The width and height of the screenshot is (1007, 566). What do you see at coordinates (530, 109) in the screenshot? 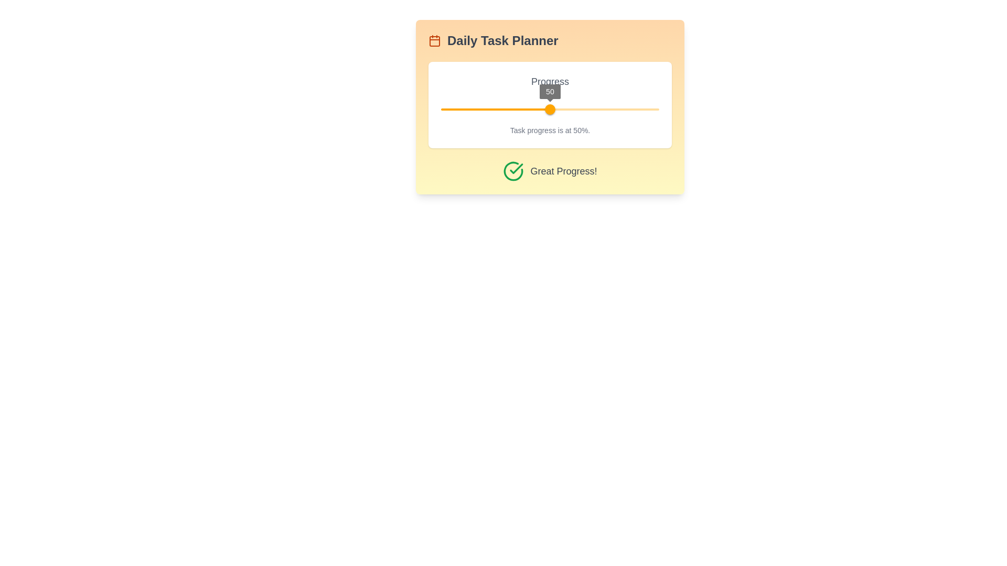
I see `the progress value` at bounding box center [530, 109].